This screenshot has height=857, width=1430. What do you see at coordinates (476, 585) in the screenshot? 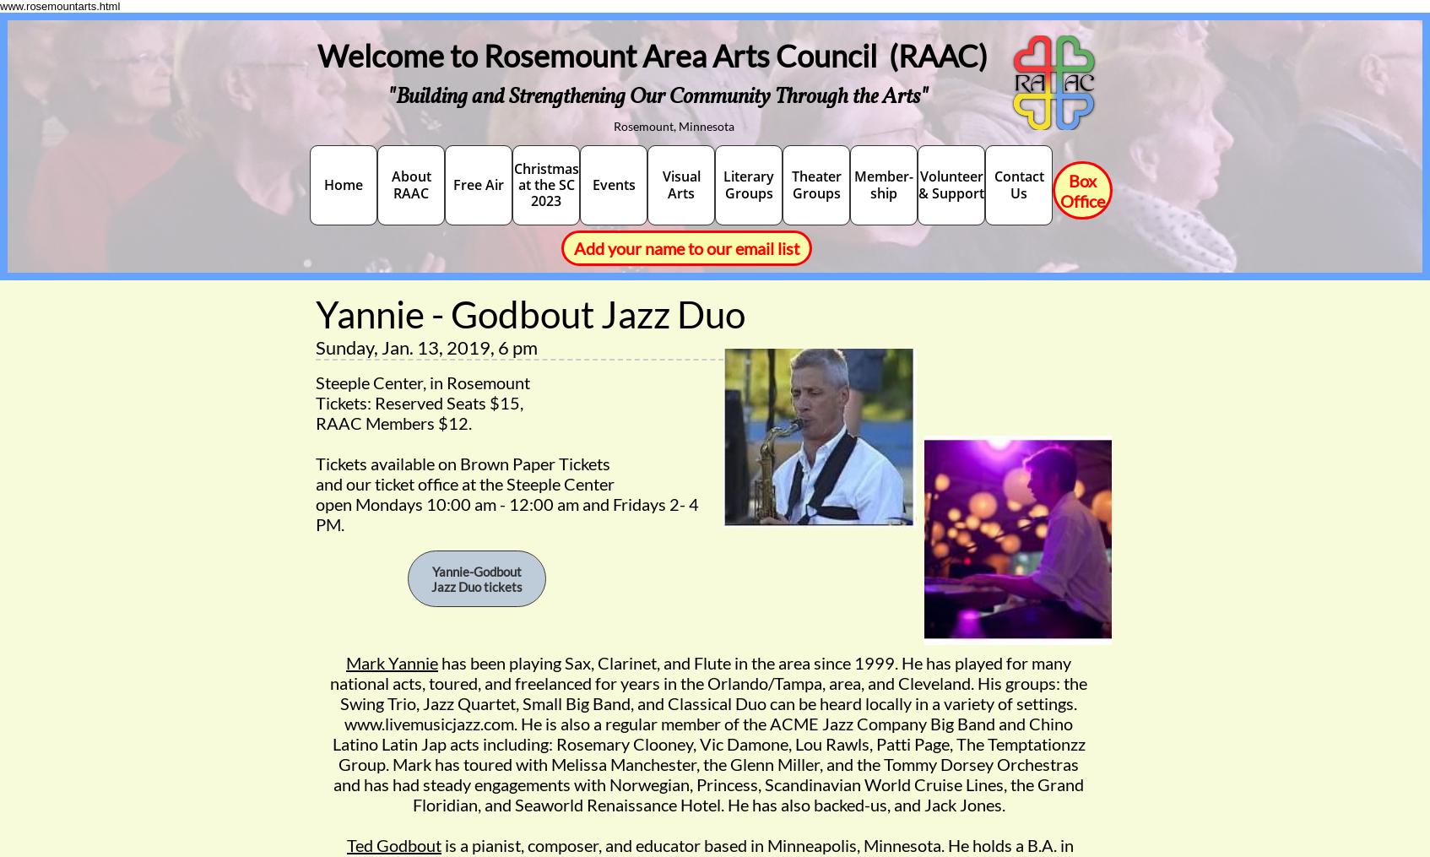
I see `'Jazz Duo tickets'` at bounding box center [476, 585].